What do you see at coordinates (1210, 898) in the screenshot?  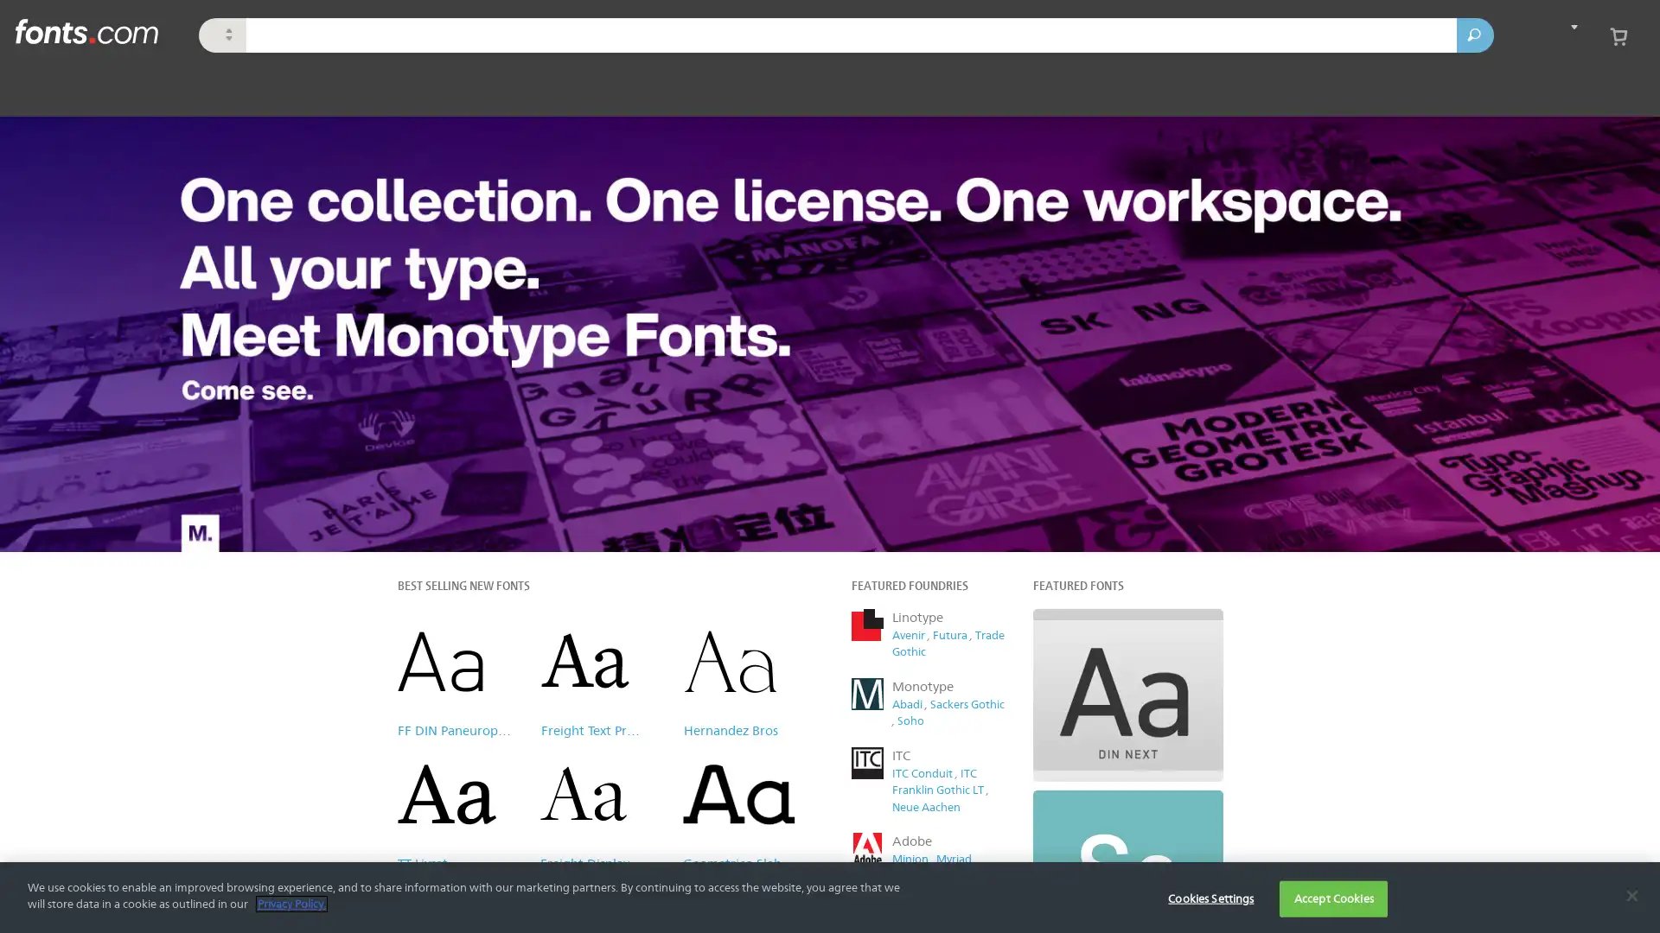 I see `Cookies Settings` at bounding box center [1210, 898].